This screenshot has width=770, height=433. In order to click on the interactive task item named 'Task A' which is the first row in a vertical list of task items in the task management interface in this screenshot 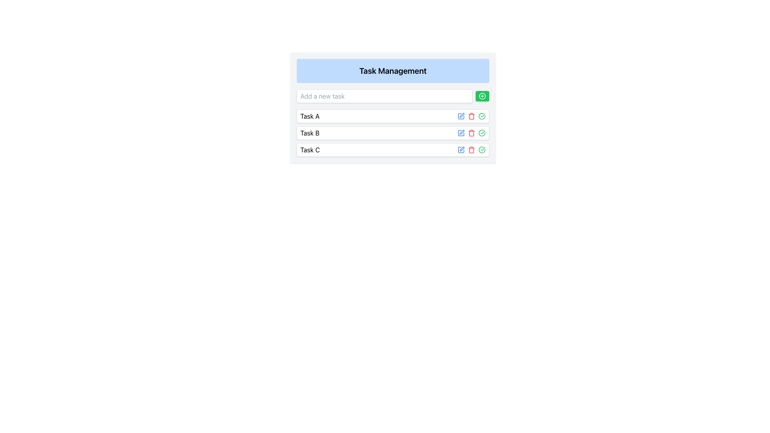, I will do `click(393, 116)`.